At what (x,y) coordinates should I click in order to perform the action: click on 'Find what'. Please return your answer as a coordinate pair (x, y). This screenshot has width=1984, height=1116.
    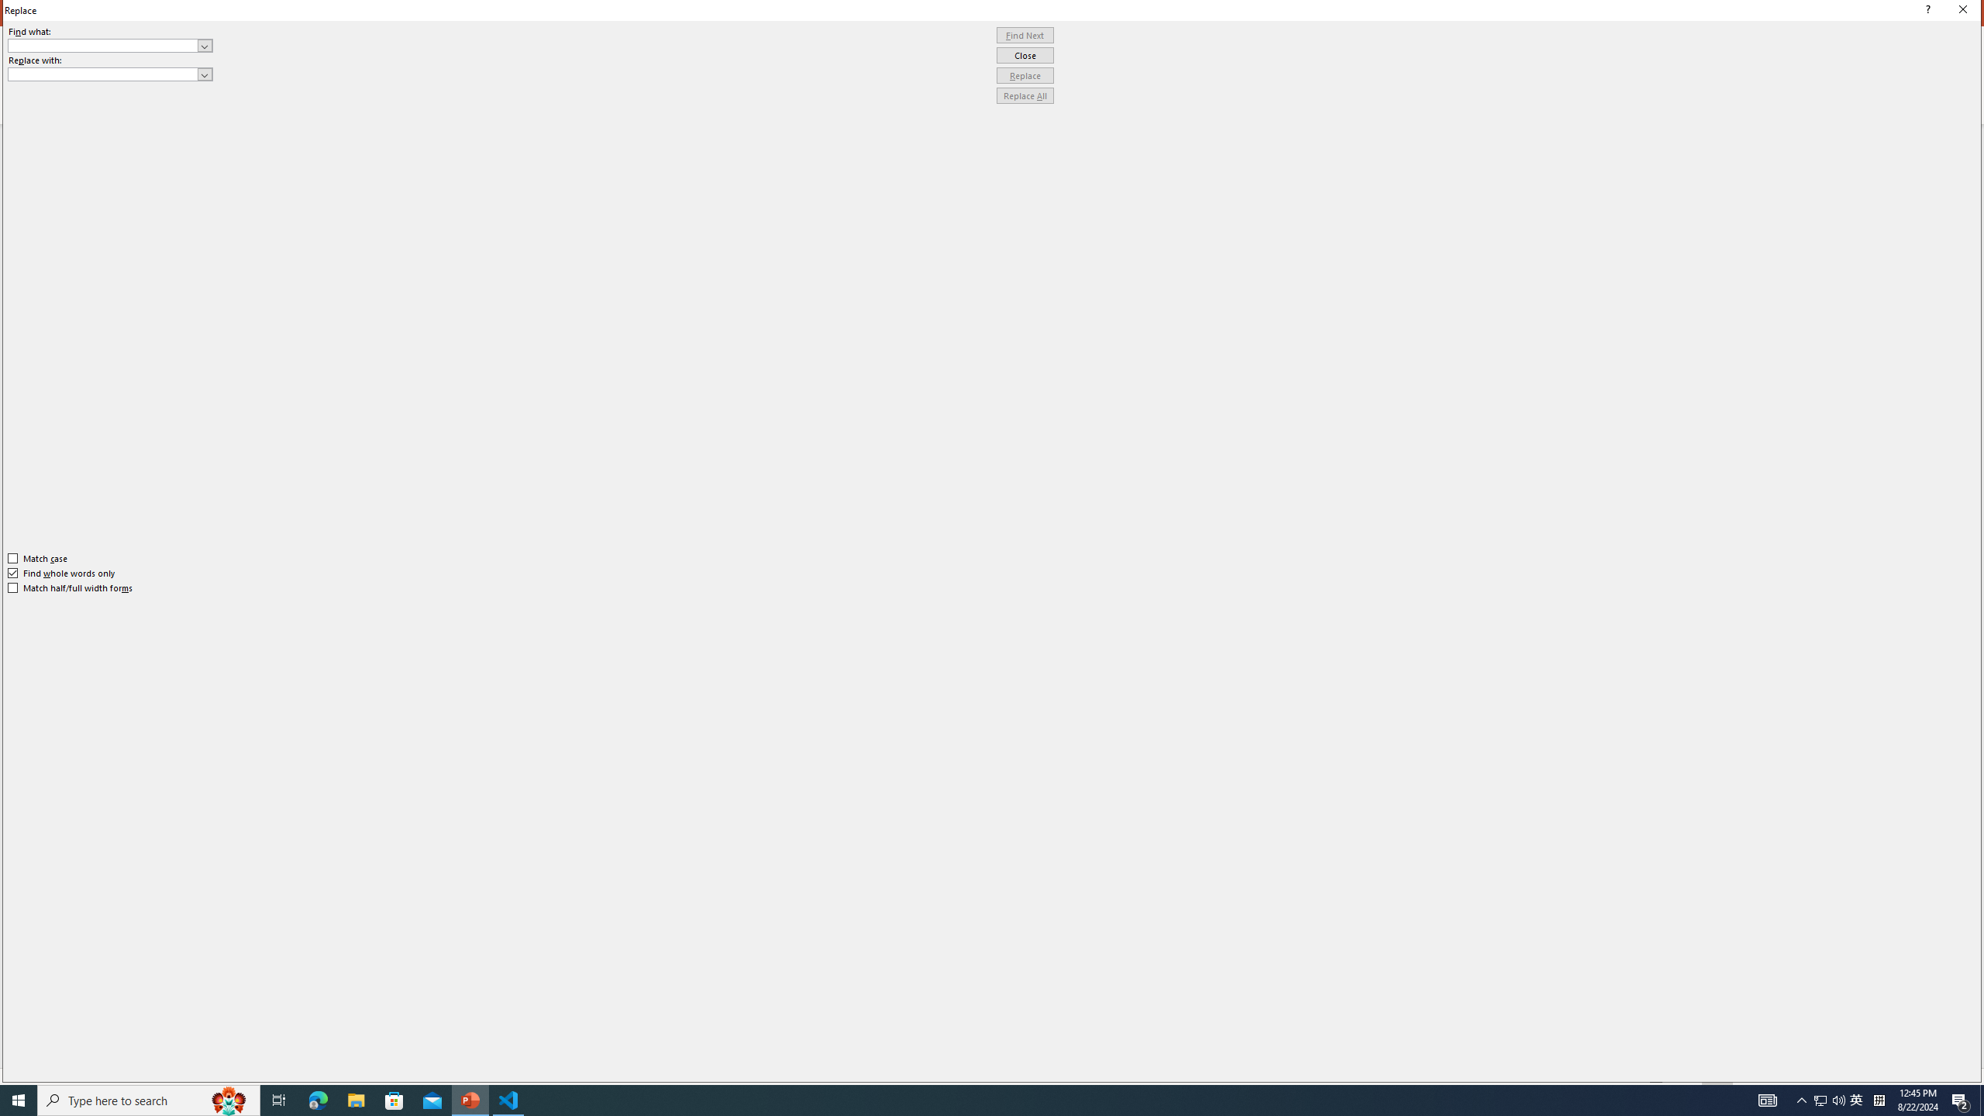
    Looking at the image, I should click on (110, 45).